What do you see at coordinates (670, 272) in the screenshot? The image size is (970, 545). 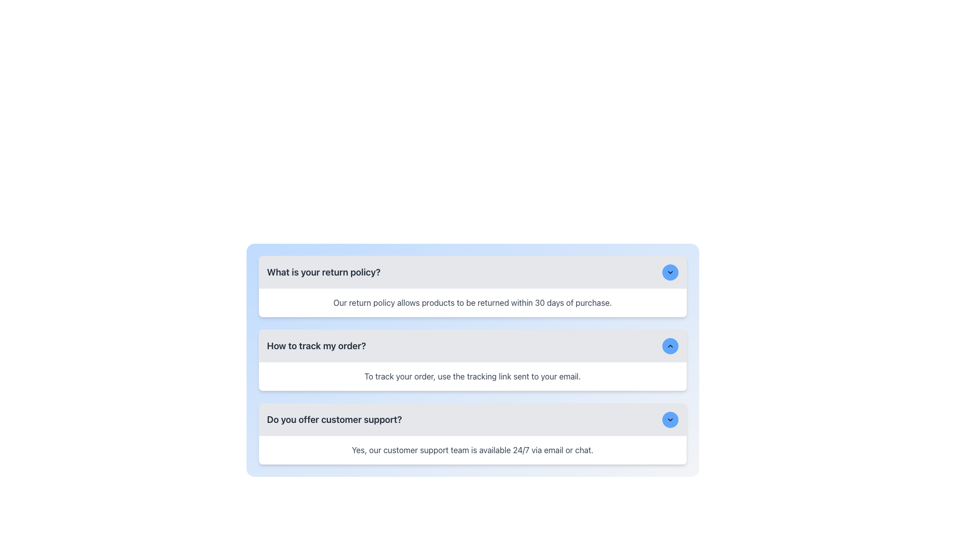 I see `the chevron icon located at the right edge of the card containing the question 'What is your return policy?'` at bounding box center [670, 272].